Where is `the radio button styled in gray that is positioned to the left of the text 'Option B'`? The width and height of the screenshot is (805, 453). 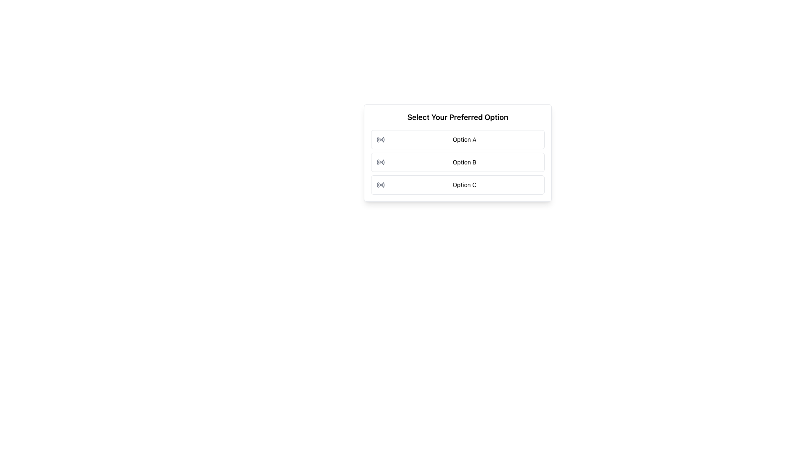 the radio button styled in gray that is positioned to the left of the text 'Option B' is located at coordinates (380, 162).